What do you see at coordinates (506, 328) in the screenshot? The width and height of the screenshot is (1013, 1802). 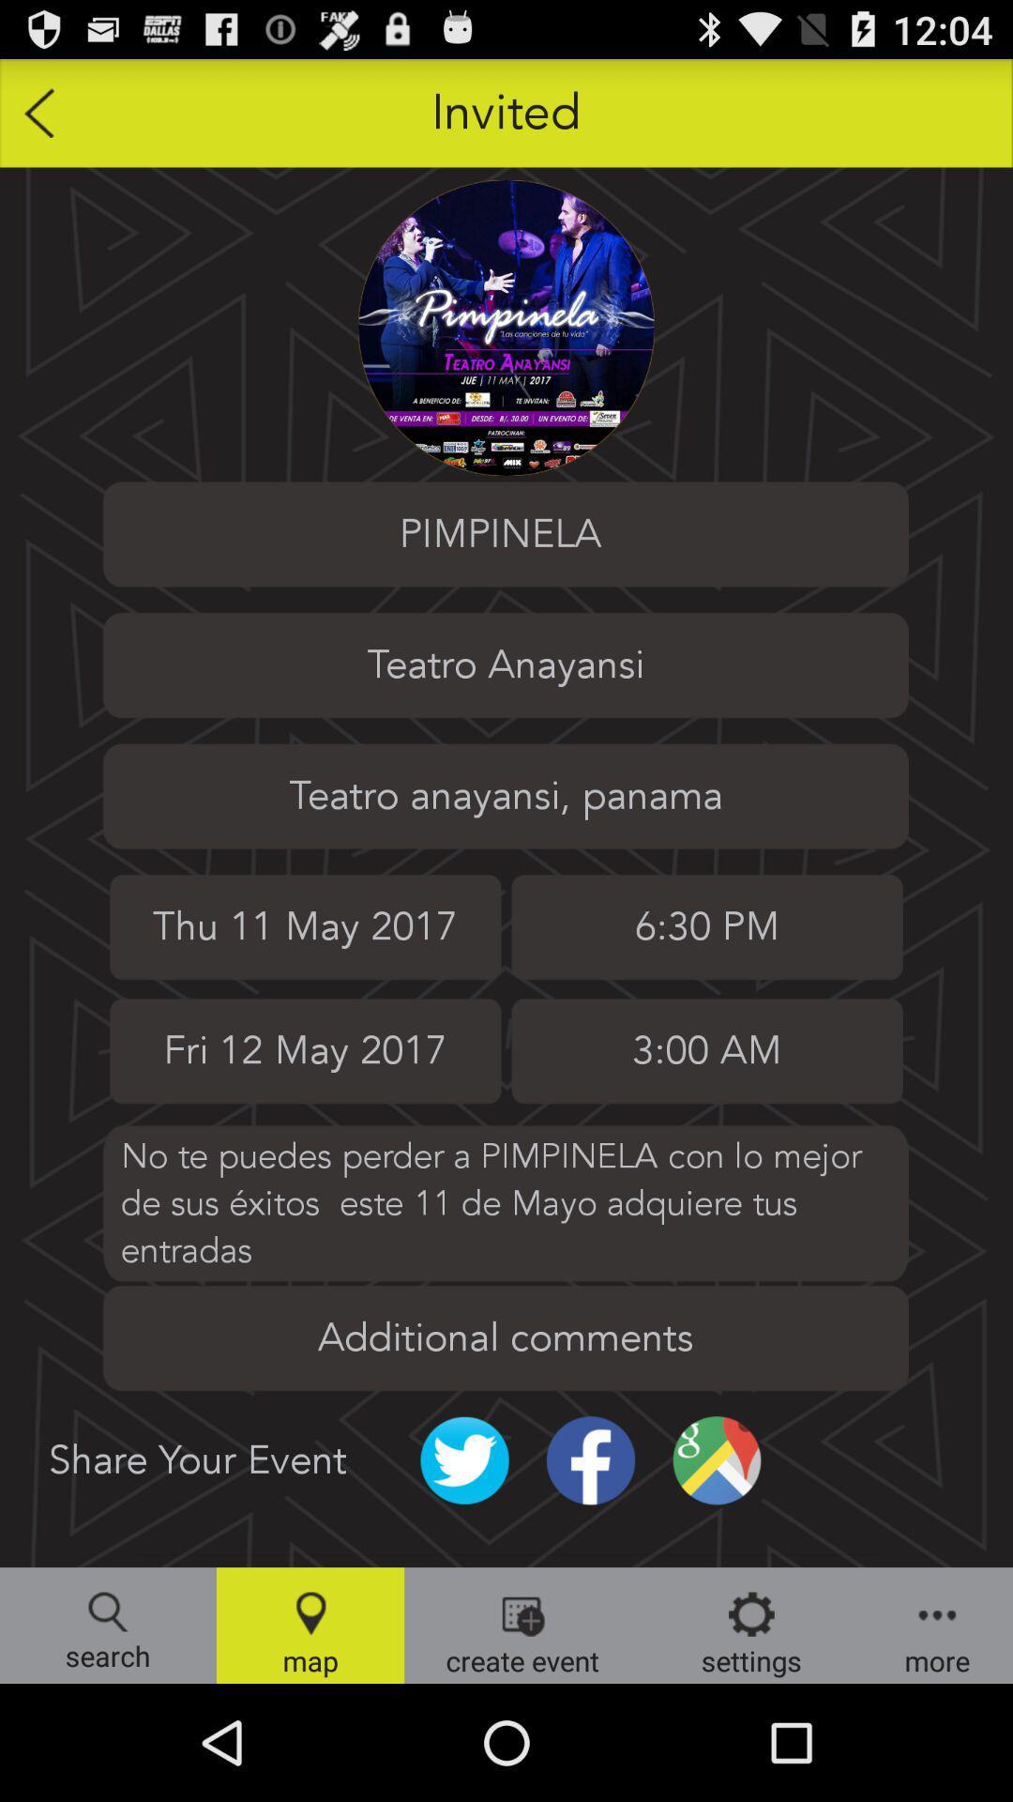 I see `the image which is below invited` at bounding box center [506, 328].